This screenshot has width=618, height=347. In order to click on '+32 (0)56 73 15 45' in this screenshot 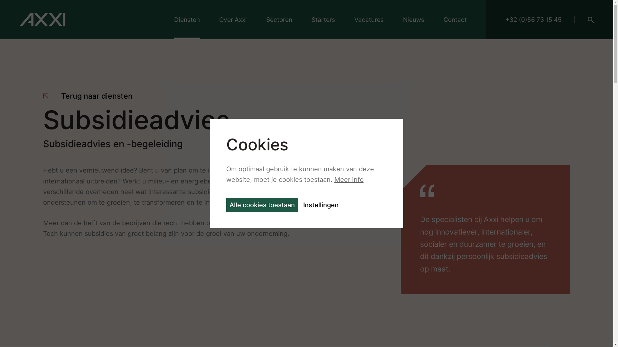, I will do `click(533, 19)`.